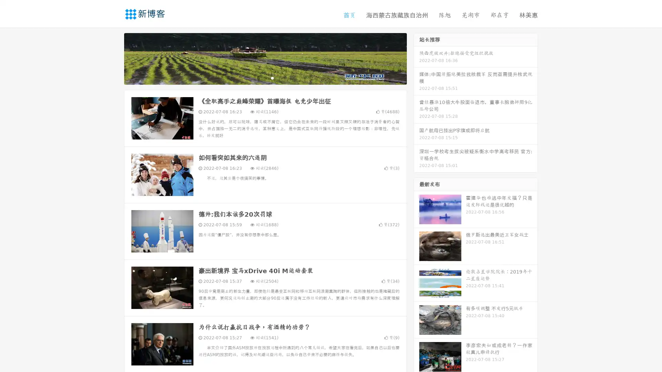  What do you see at coordinates (417, 58) in the screenshot?
I see `Next slide` at bounding box center [417, 58].